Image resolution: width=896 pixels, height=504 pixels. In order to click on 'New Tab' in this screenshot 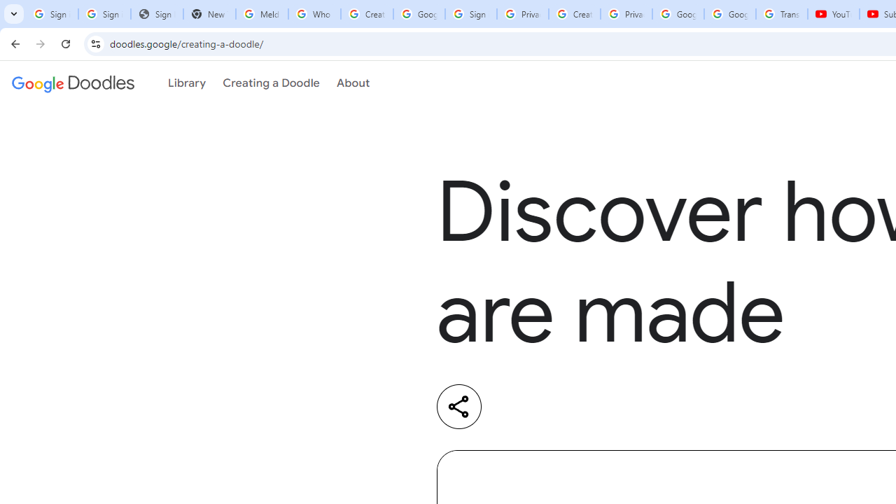, I will do `click(209, 14)`.